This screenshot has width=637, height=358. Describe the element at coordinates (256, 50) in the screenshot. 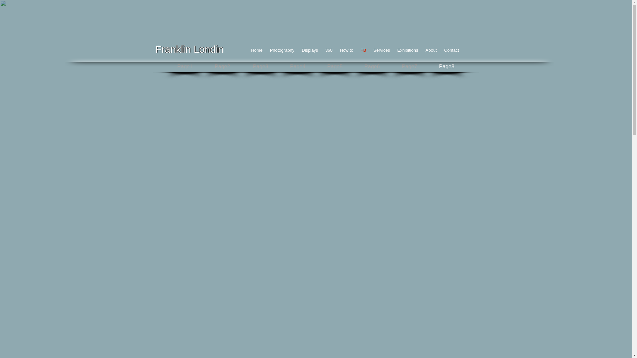

I see `'Home'` at that location.